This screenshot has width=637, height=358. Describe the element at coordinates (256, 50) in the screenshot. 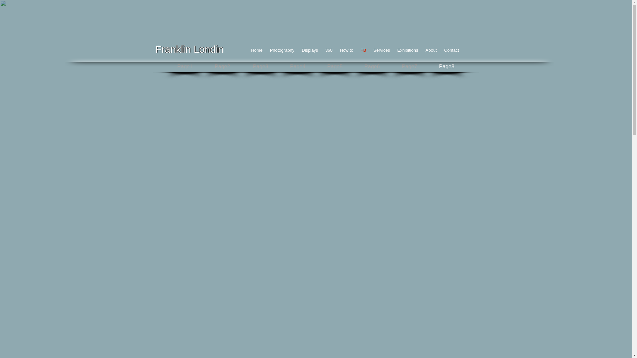

I see `'Home'` at that location.